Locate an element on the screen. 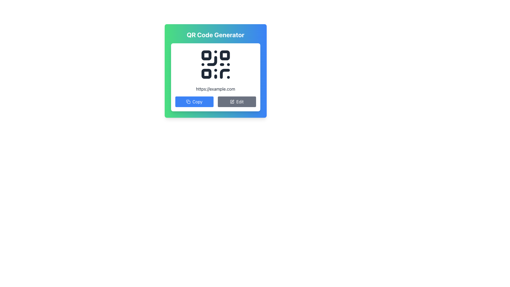 This screenshot has width=510, height=287. the small graphical icon resembling a pen or pencil, which signifies an editing action, located within the SVG element near the 'Edit' button on the QR code generator card is located at coordinates (232, 101).